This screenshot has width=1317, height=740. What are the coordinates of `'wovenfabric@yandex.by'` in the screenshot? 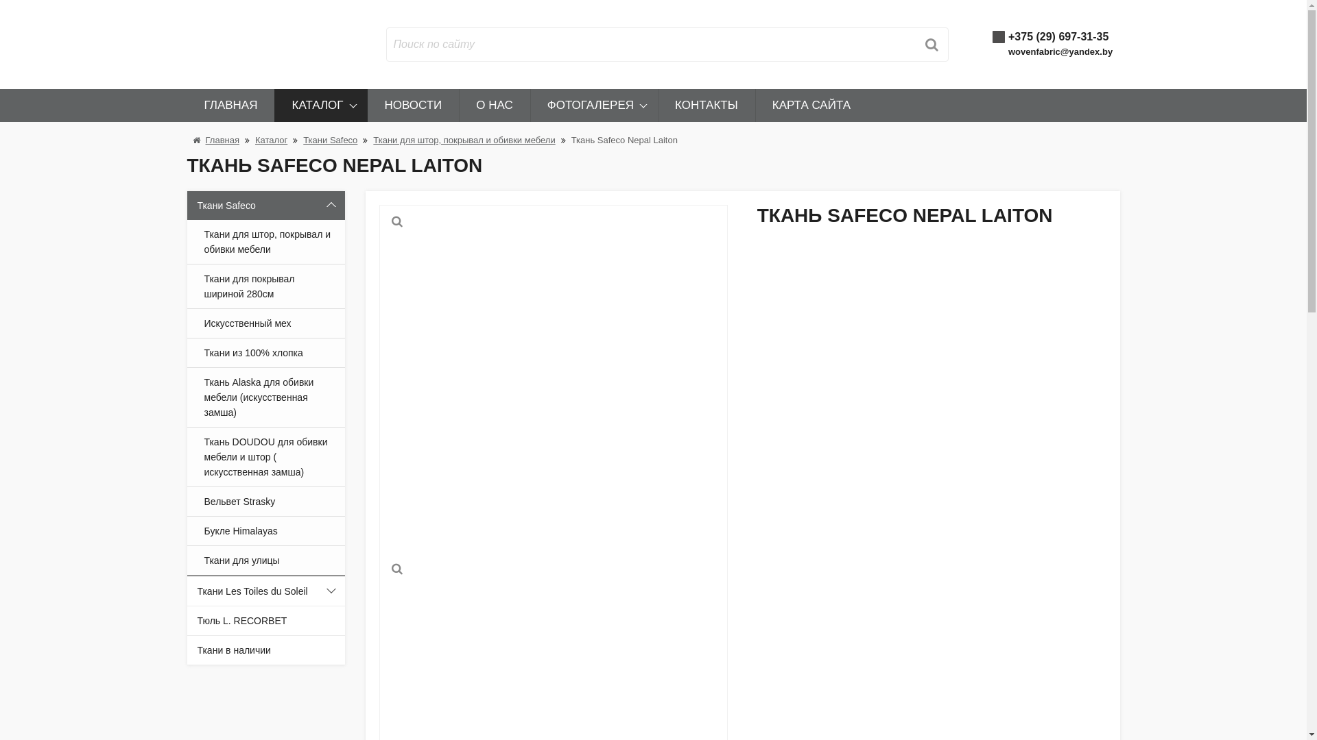 It's located at (1059, 51).